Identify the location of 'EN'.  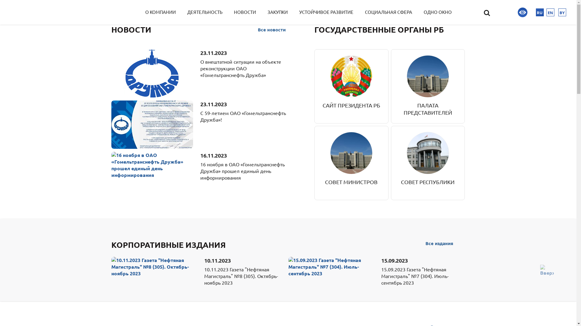
(550, 12).